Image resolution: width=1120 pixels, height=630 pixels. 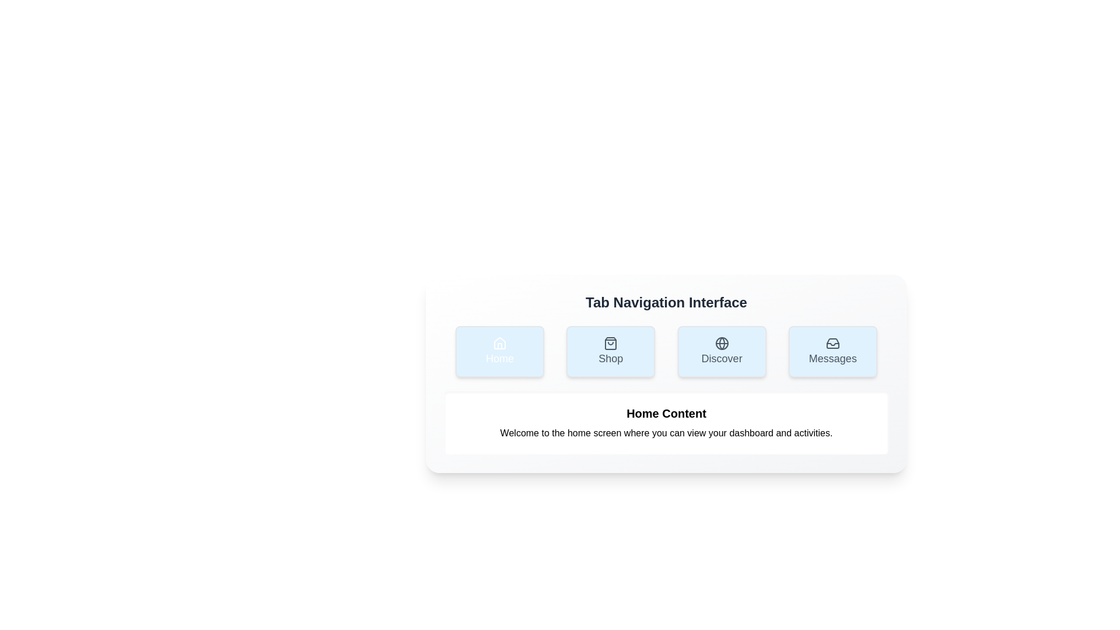 I want to click on the circular part of the 'Discover' navigation icon, which visually represents its purpose and is located between the 'Shop' and 'Messages' tabs, so click(x=721, y=343).